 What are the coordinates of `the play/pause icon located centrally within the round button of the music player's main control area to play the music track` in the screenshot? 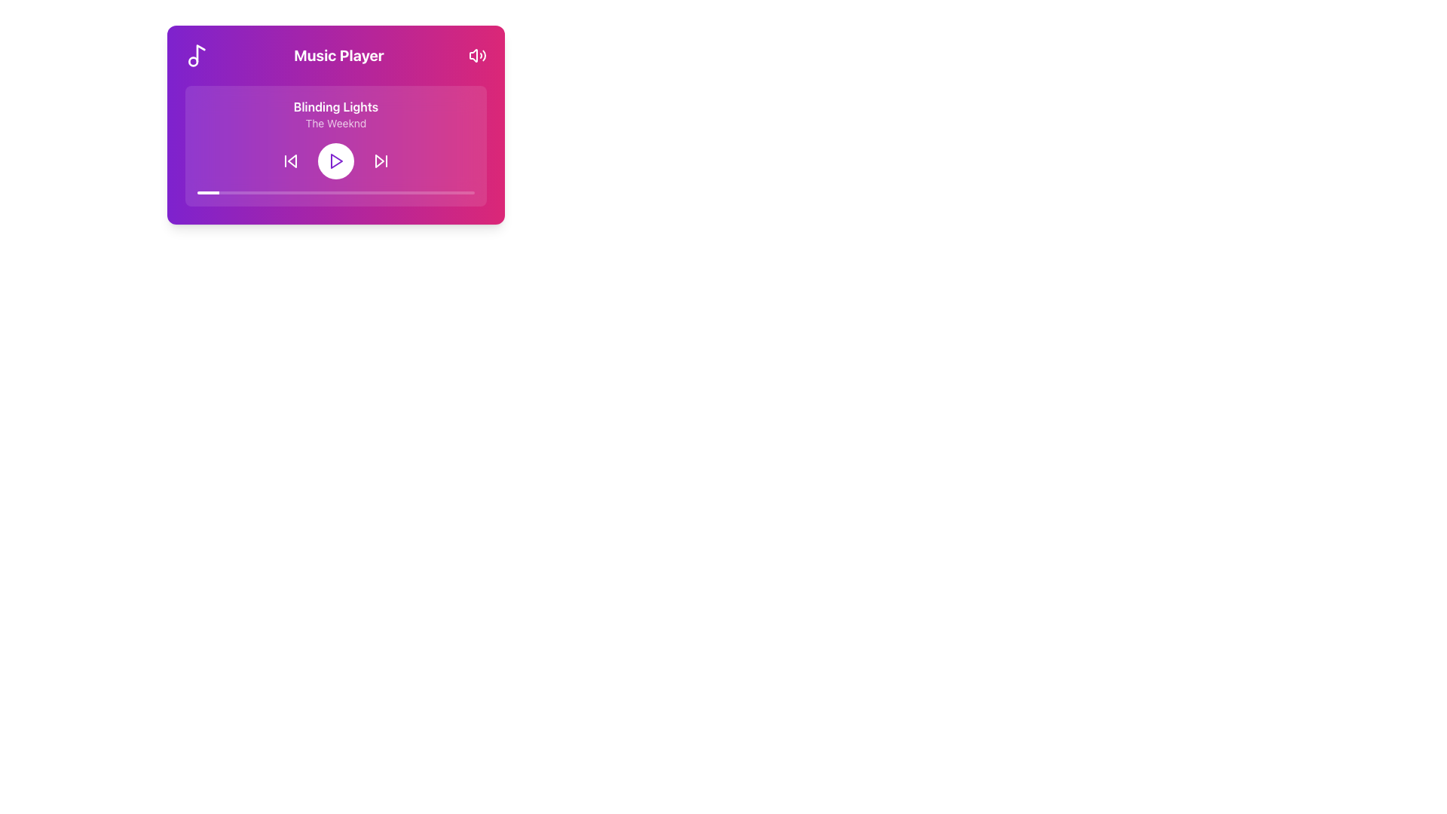 It's located at (335, 161).